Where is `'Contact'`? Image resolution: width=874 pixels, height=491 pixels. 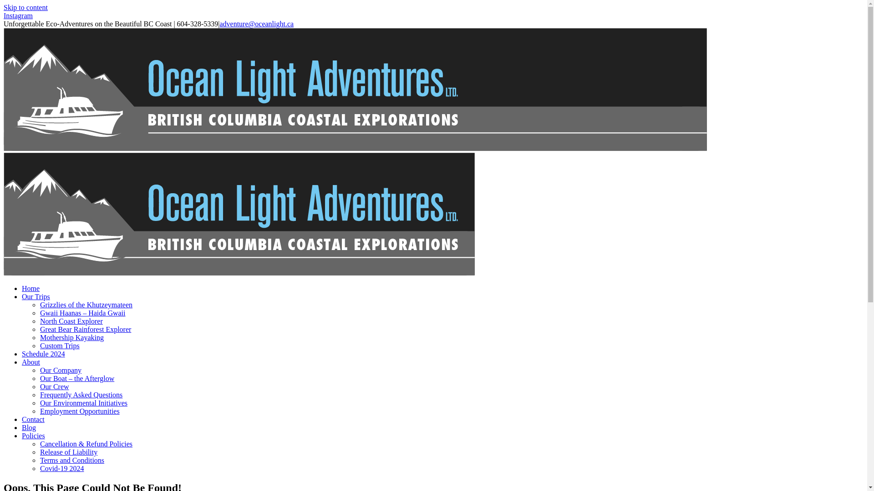
'Contact' is located at coordinates (33, 419).